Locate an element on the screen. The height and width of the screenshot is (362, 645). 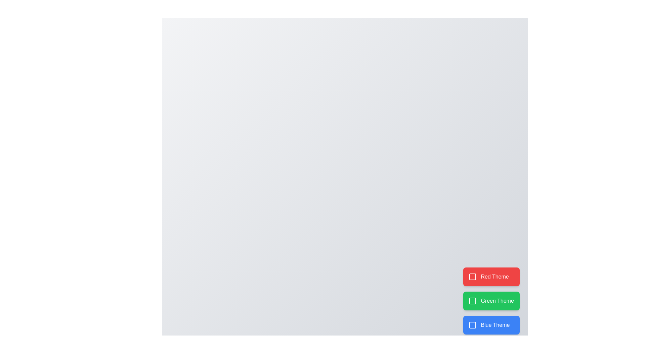
the button corresponding to the selected theme: Green is located at coordinates (491, 301).